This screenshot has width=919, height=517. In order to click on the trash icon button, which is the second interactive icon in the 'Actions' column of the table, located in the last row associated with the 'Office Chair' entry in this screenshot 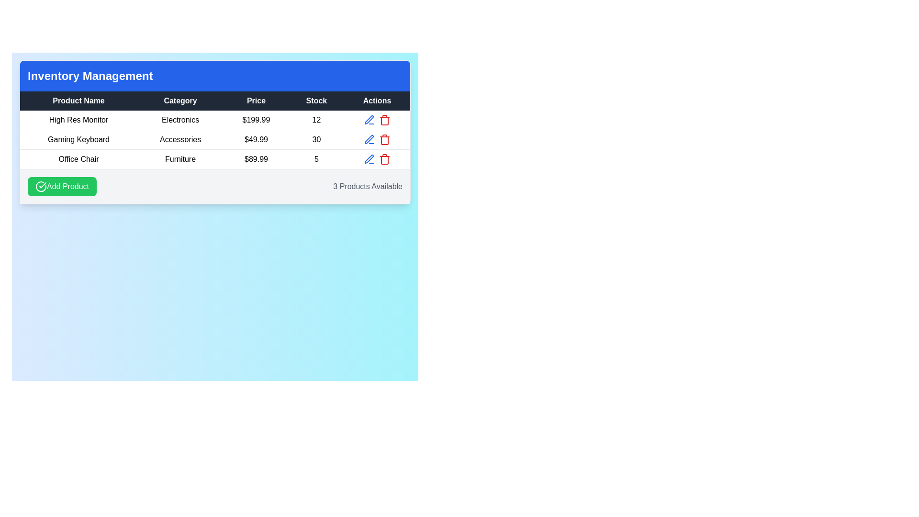, I will do `click(384, 158)`.